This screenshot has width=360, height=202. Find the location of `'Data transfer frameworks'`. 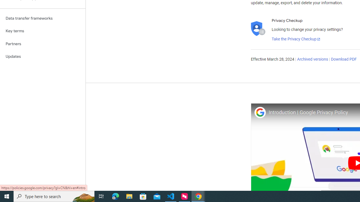

'Data transfer frameworks' is located at coordinates (42, 18).